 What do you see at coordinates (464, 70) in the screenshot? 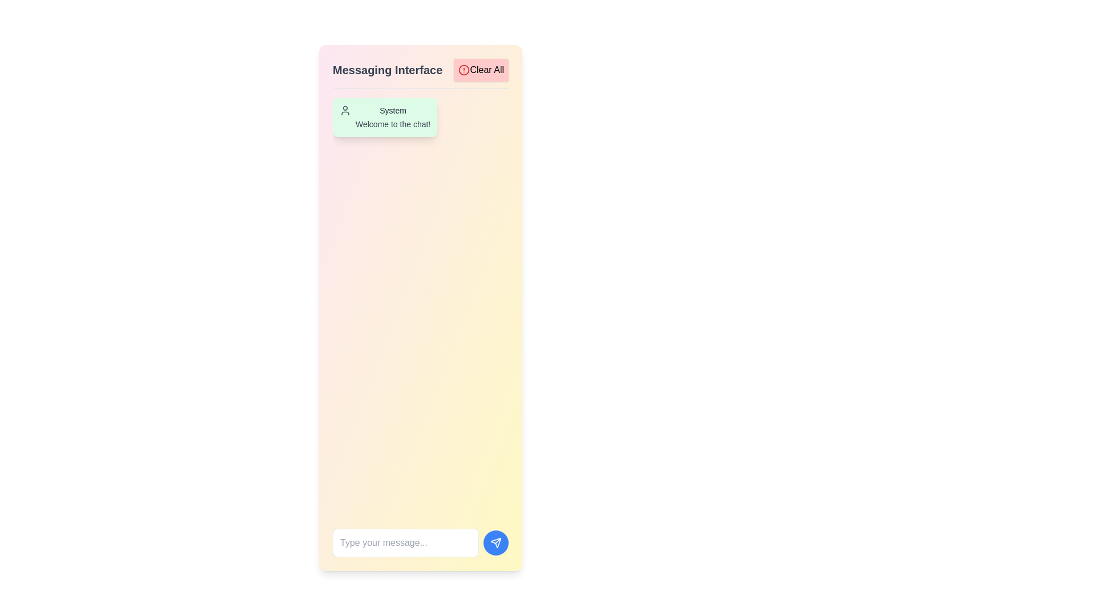
I see `the SVG Circle element that is part of the 'Clear All' button located at the top-right corner of the interface` at bounding box center [464, 70].